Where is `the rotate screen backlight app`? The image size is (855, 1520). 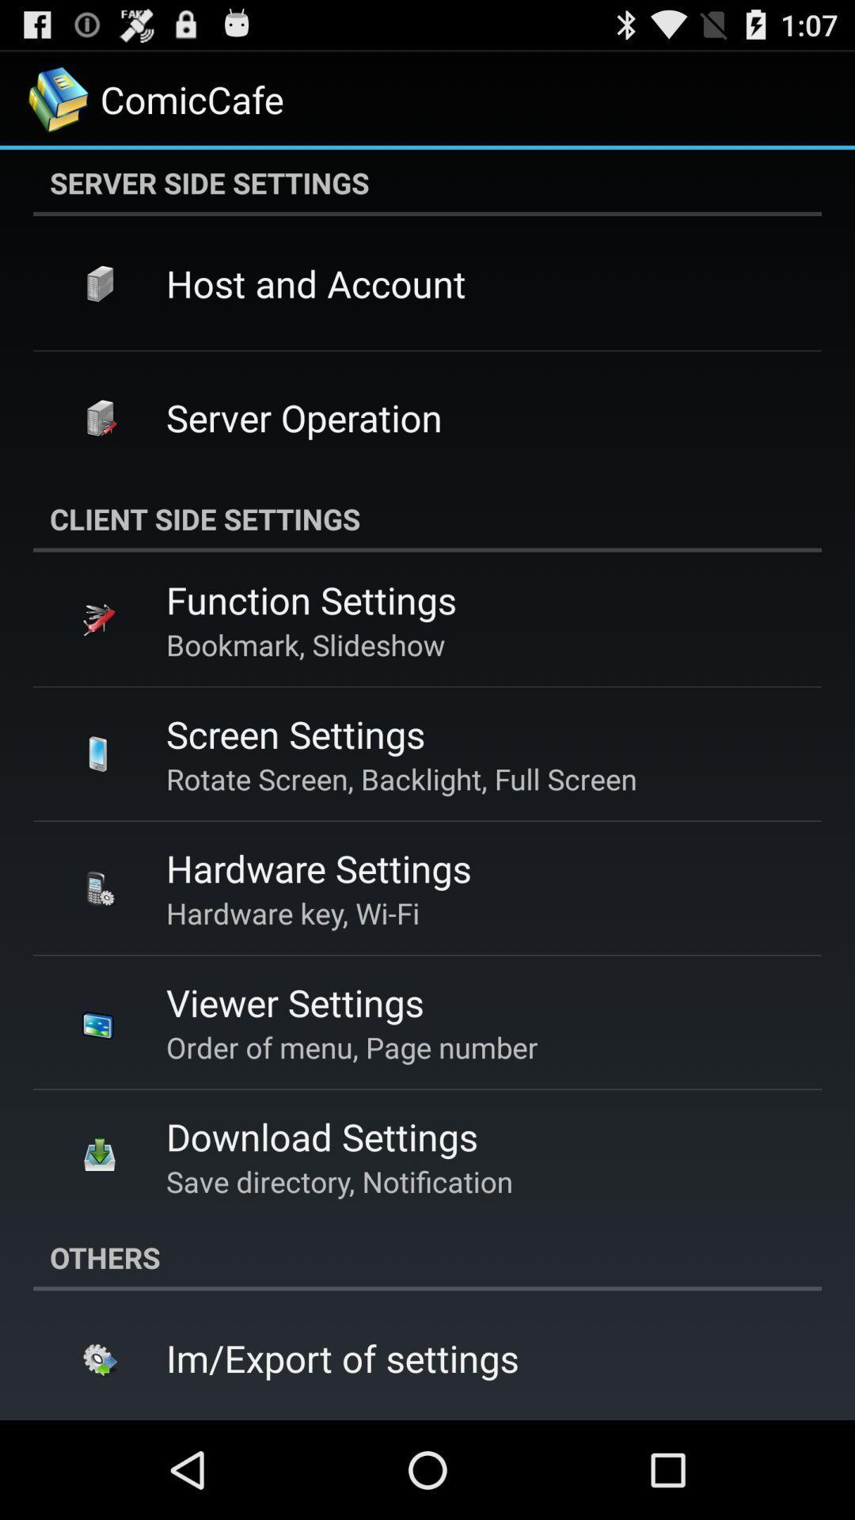 the rotate screen backlight app is located at coordinates (401, 778).